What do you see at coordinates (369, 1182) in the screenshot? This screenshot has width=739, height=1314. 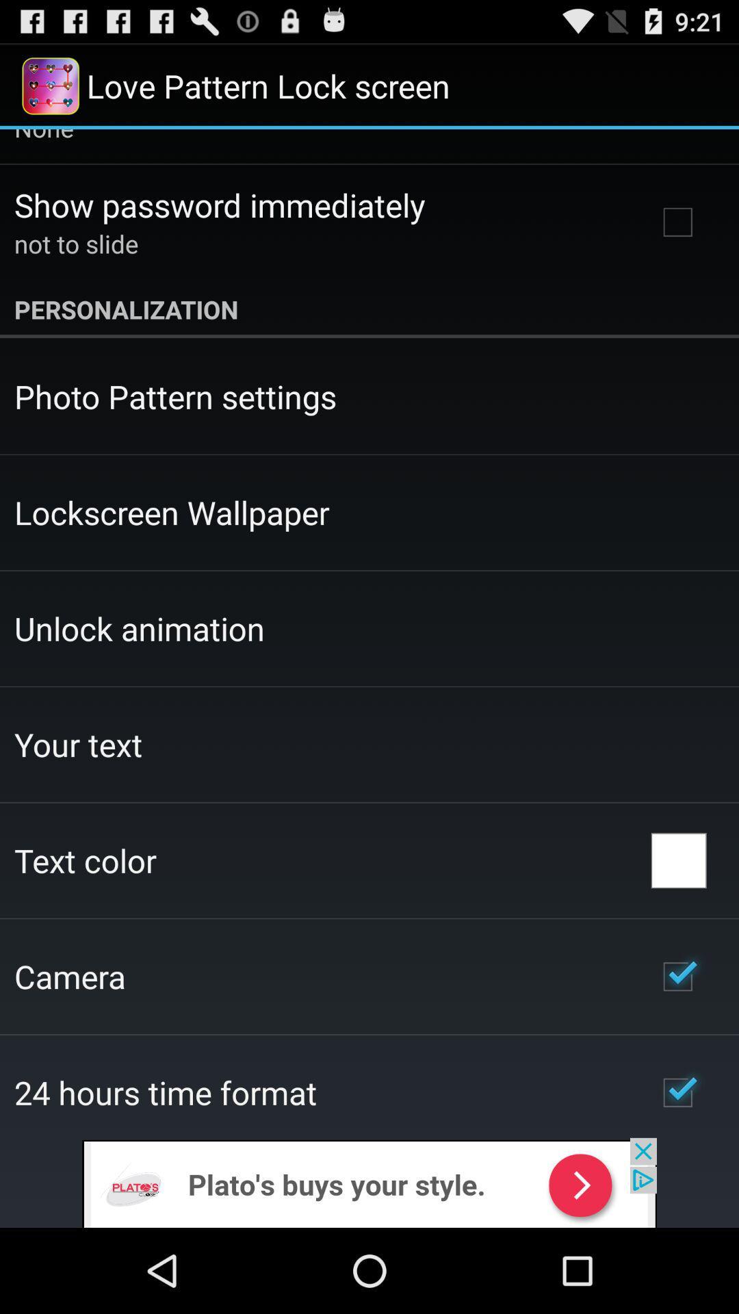 I see `remove the add` at bounding box center [369, 1182].